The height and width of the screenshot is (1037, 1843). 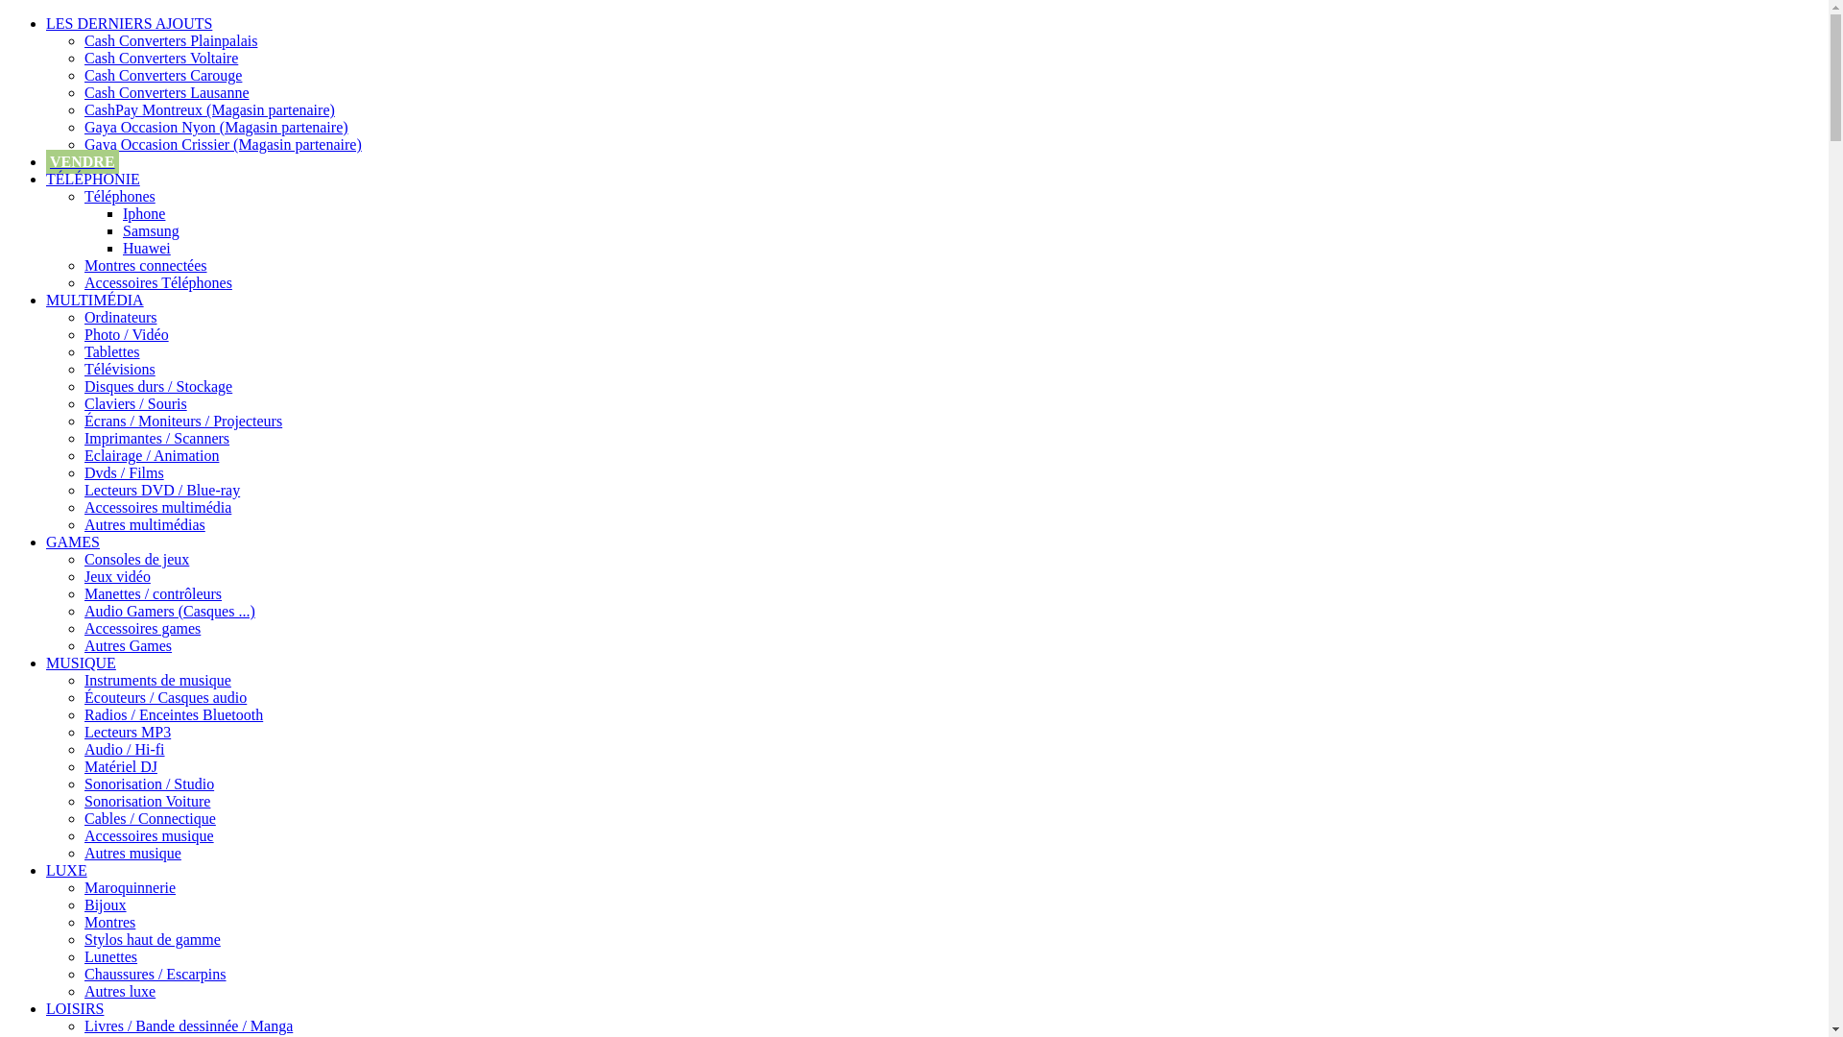 What do you see at coordinates (82, 160) in the screenshot?
I see `'VENDRE'` at bounding box center [82, 160].